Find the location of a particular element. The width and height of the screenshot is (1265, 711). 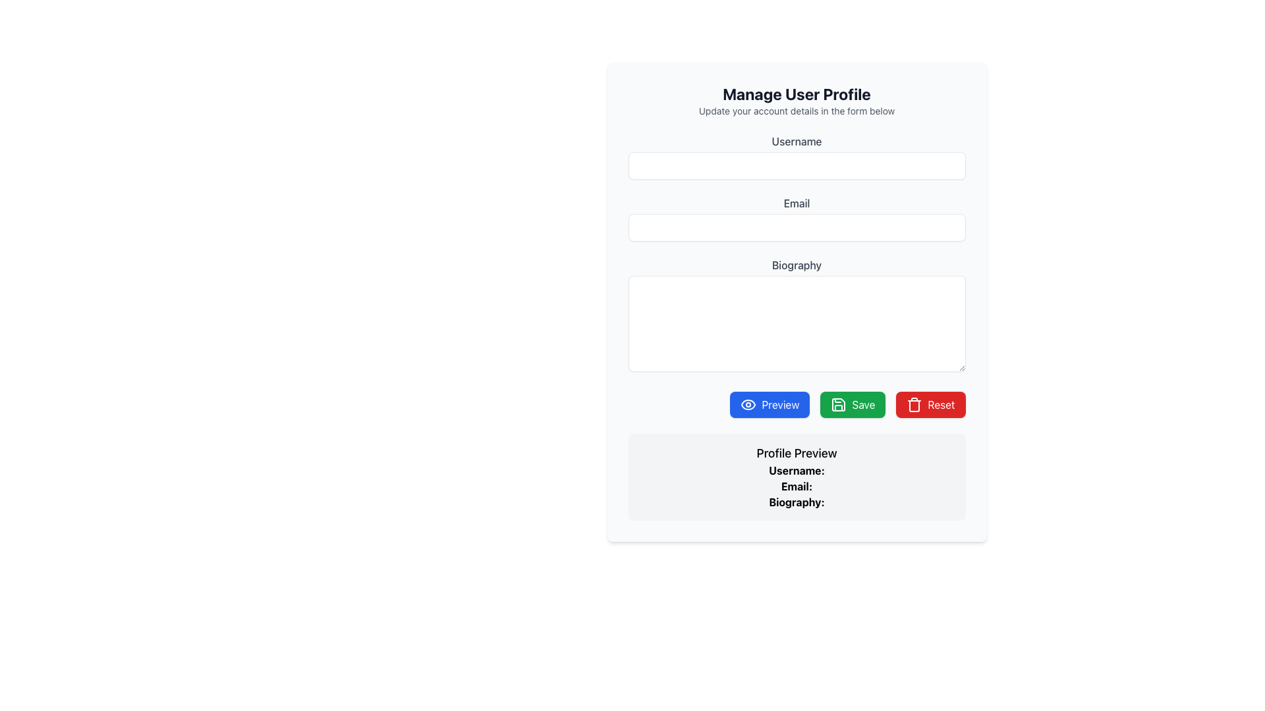

the 'Username' label, which is a gray text label positioned above the username input box, located near the top center of the form is located at coordinates (796, 142).